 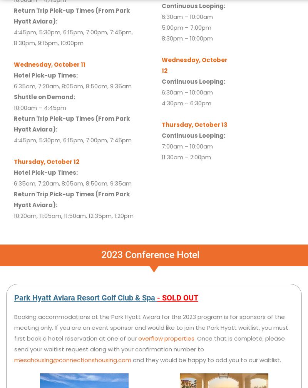 What do you see at coordinates (177, 297) in the screenshot?
I see `'- SOLD OUT'` at bounding box center [177, 297].